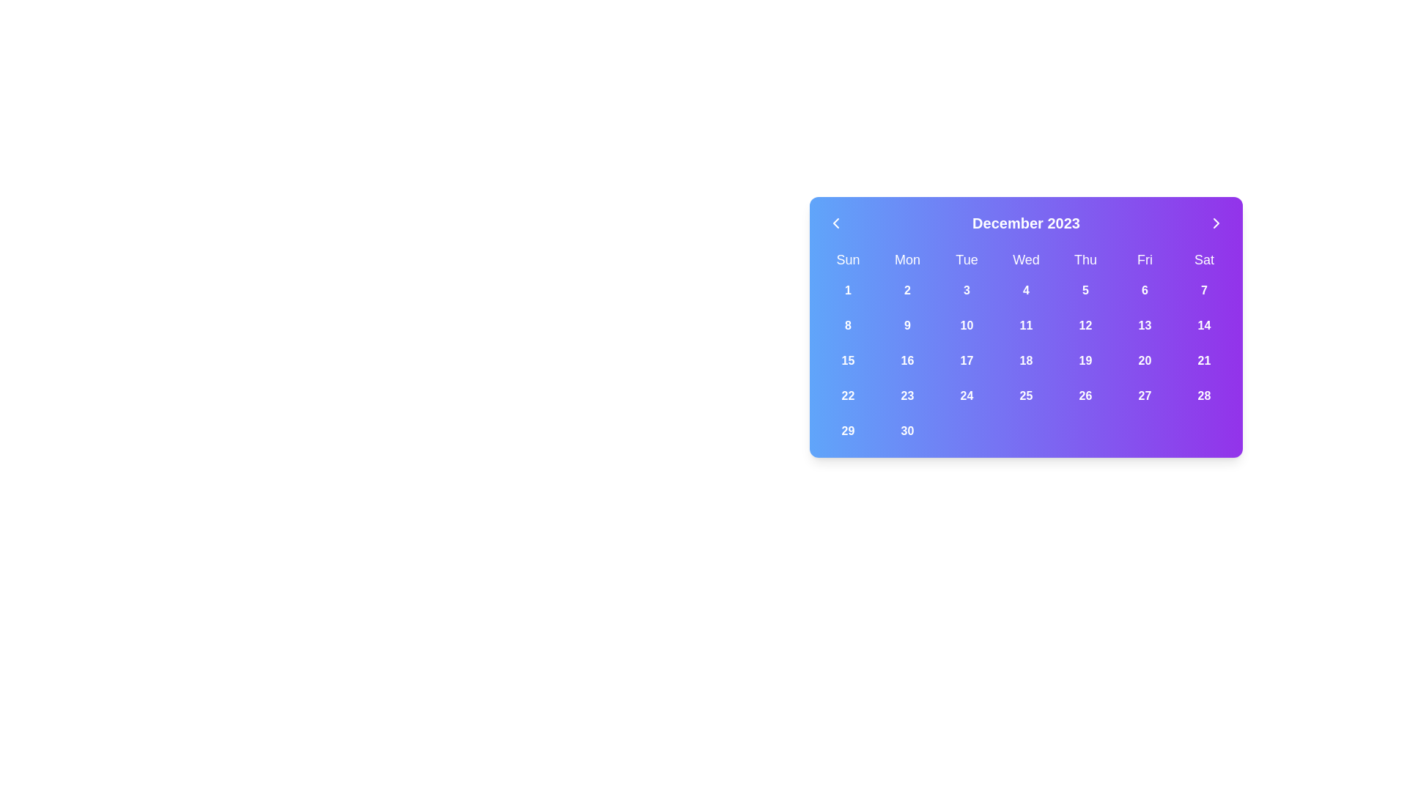 The height and width of the screenshot is (791, 1407). I want to click on the button labeled '30', so click(906, 431).